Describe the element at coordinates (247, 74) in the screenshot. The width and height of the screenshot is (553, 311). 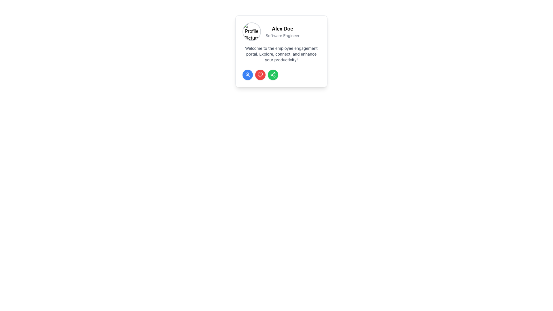
I see `the user icon with a circular avatar representation, styled with a blue border, located at the bottom left of the card layout` at that location.